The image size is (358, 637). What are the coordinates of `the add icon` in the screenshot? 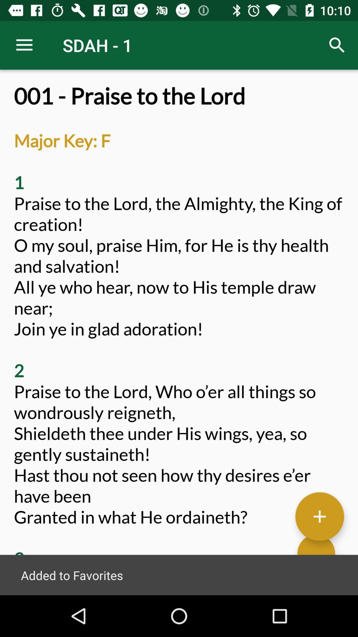 It's located at (319, 516).